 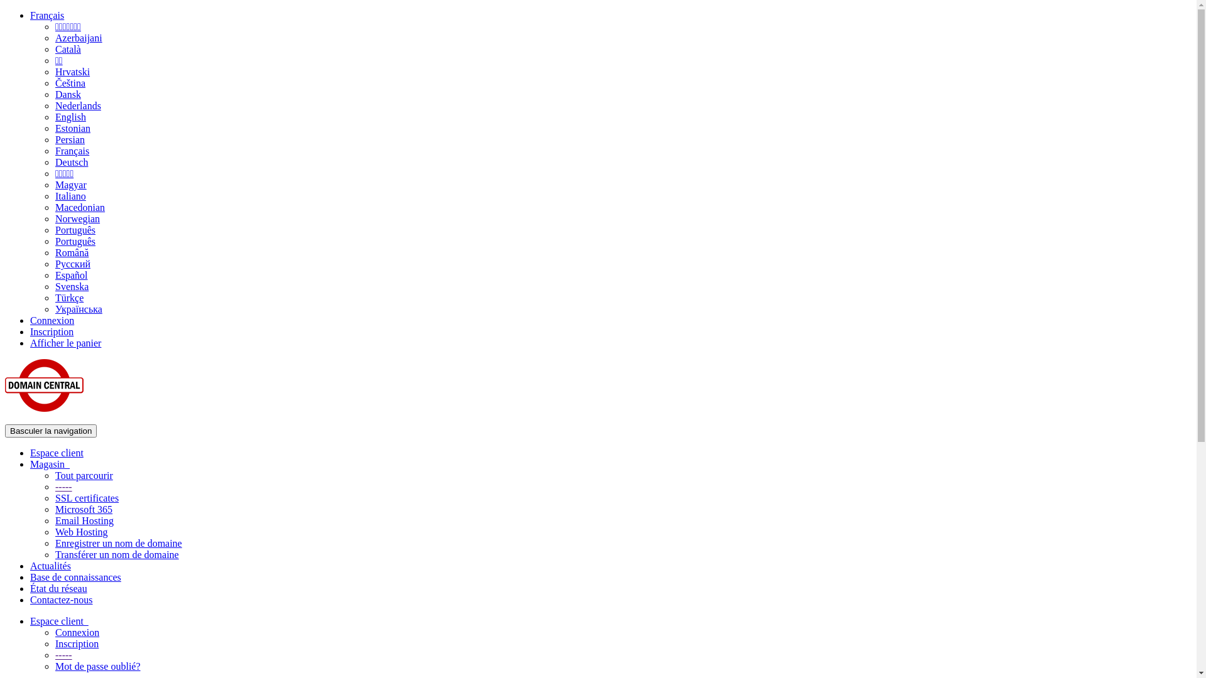 What do you see at coordinates (77, 105) in the screenshot?
I see `'Nederlands'` at bounding box center [77, 105].